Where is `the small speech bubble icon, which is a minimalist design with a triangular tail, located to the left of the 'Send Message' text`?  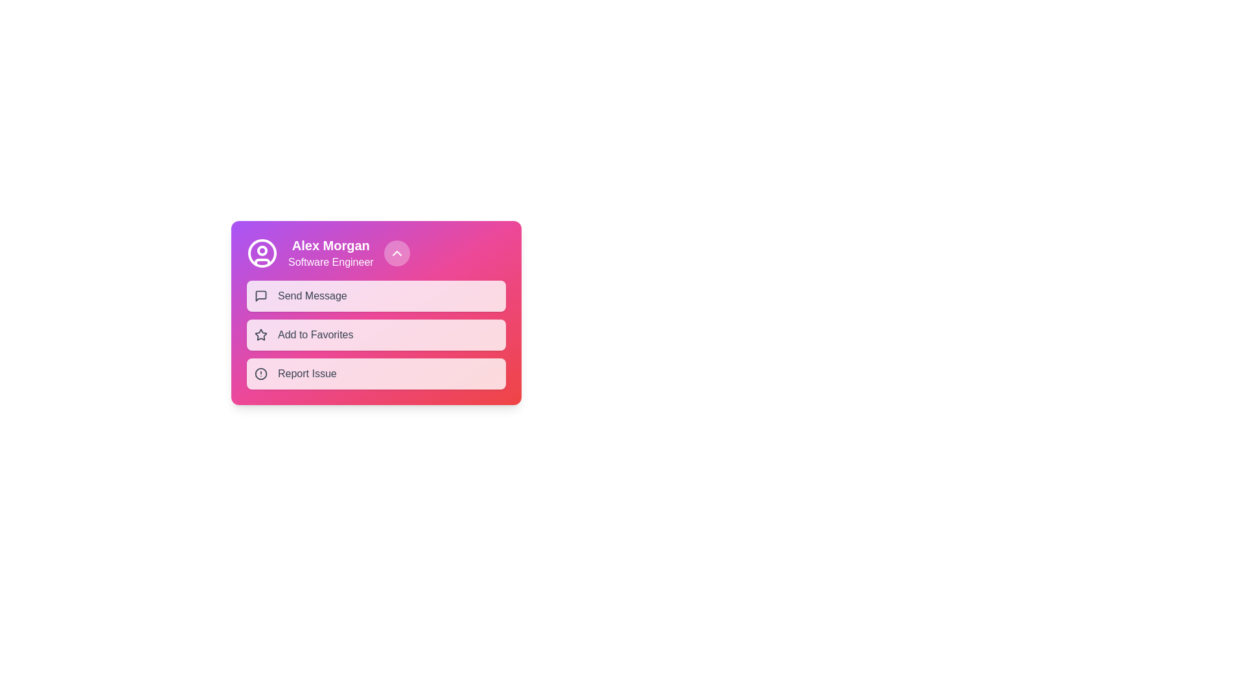 the small speech bubble icon, which is a minimalist design with a triangular tail, located to the left of the 'Send Message' text is located at coordinates (260, 296).